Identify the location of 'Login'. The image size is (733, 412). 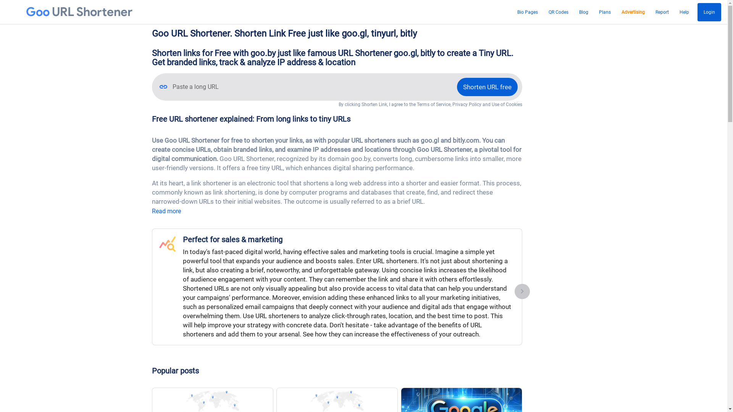
(709, 12).